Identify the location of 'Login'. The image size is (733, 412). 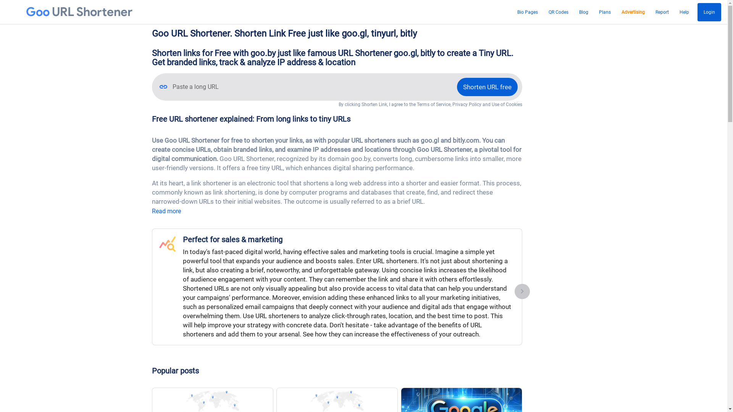
(709, 12).